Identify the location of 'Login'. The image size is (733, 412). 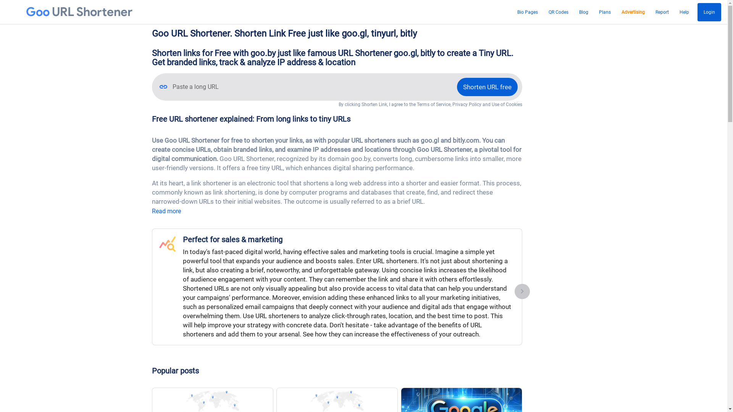
(709, 12).